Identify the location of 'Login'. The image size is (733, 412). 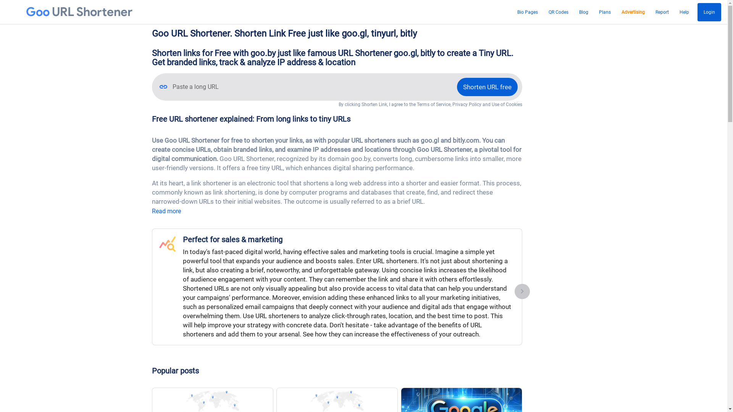
(709, 12).